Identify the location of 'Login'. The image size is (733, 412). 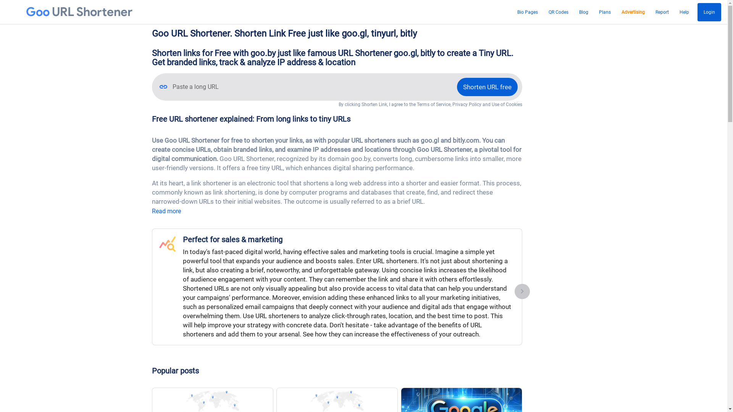
(709, 12).